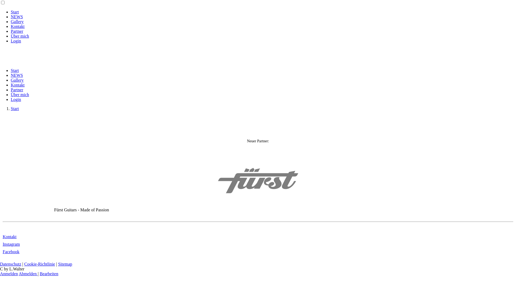 The height and width of the screenshot is (290, 516). What do you see at coordinates (10, 70) in the screenshot?
I see `'Start'` at bounding box center [10, 70].